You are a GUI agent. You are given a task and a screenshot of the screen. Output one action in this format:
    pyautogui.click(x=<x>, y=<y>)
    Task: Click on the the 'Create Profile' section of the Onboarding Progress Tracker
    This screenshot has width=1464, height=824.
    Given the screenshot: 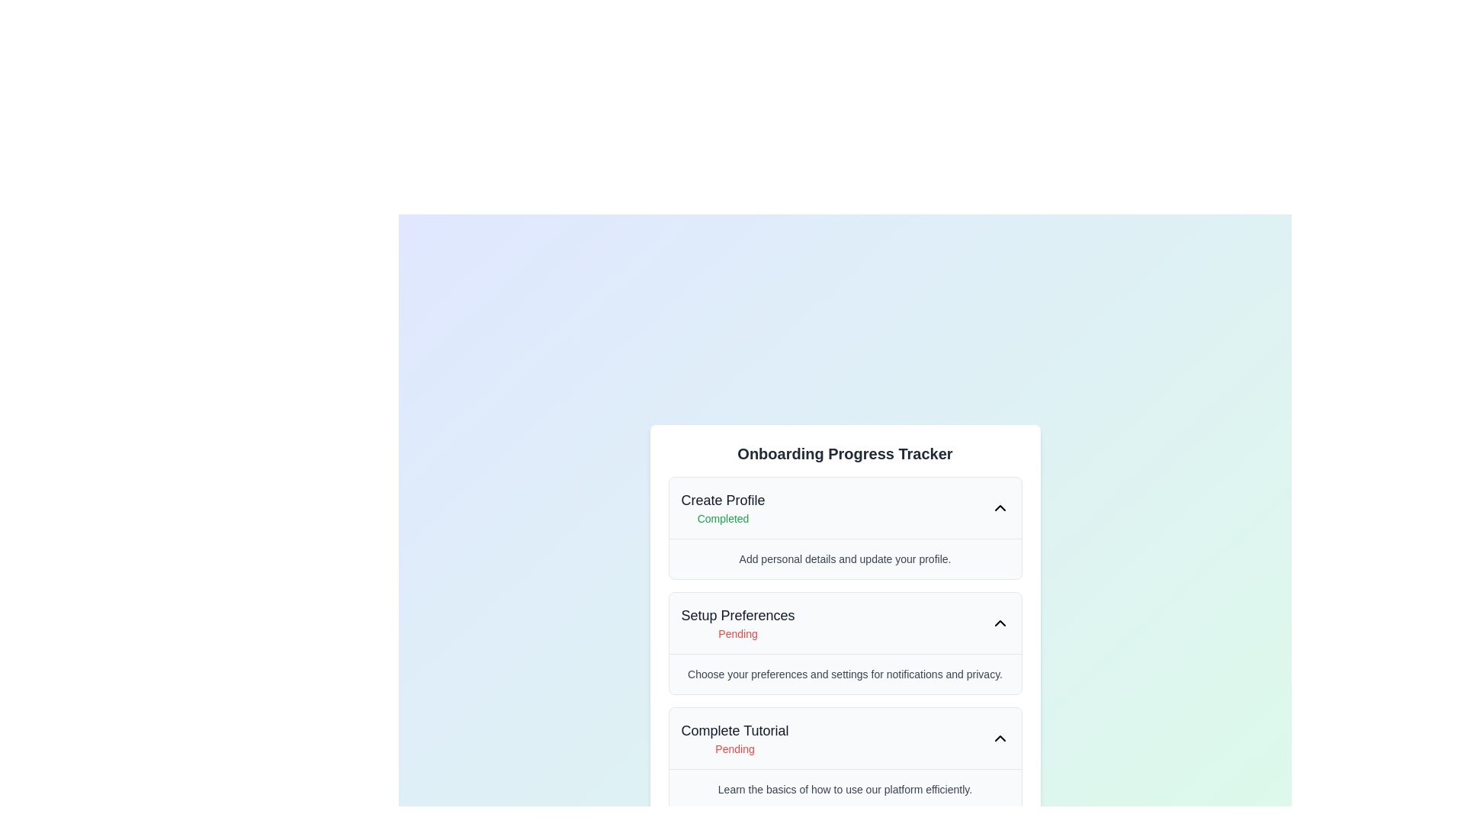 What is the action you would take?
    pyautogui.click(x=844, y=526)
    